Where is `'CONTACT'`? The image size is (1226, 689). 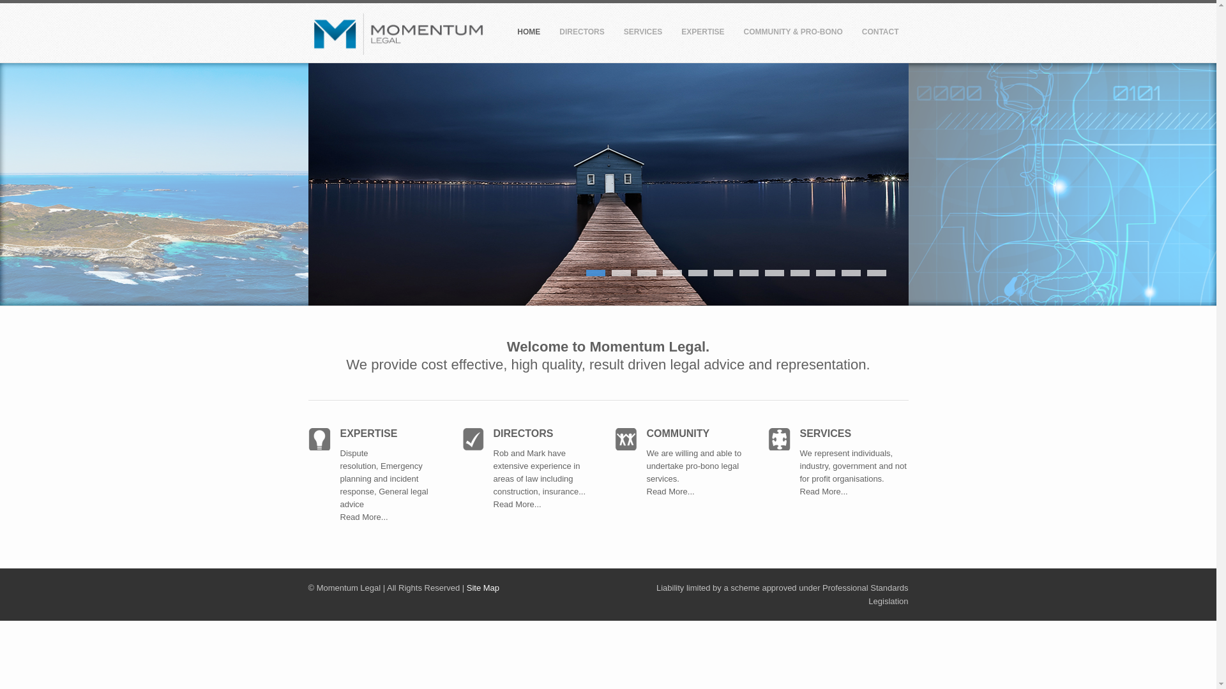 'CONTACT' is located at coordinates (879, 34).